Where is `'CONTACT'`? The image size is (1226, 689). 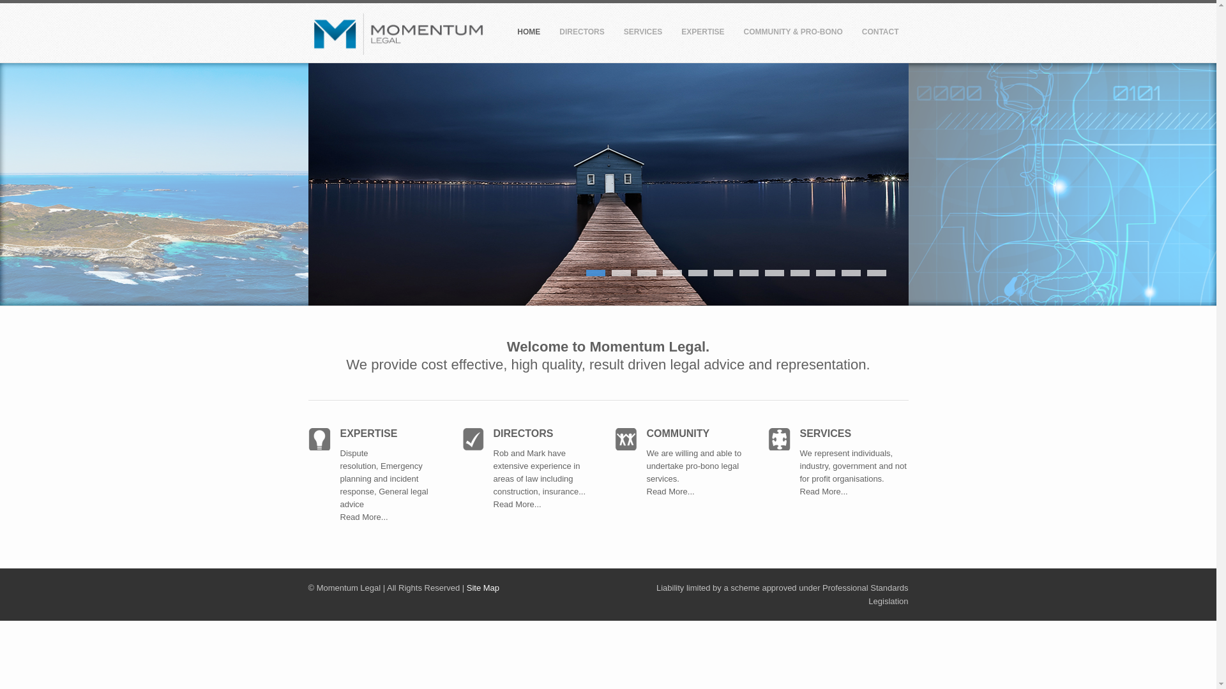 'CONTACT' is located at coordinates (879, 34).